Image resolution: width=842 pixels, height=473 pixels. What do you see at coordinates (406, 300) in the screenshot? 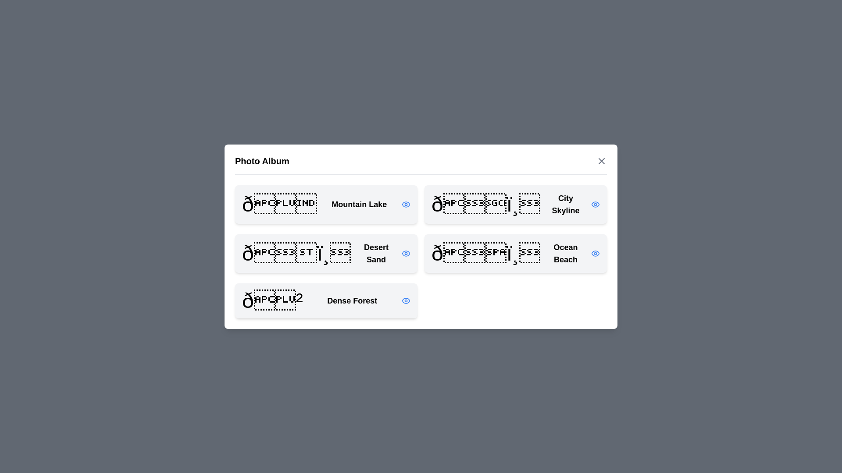
I see `'eye' icon next to the photo titled 'Dense Forest' to view it in detail` at bounding box center [406, 300].